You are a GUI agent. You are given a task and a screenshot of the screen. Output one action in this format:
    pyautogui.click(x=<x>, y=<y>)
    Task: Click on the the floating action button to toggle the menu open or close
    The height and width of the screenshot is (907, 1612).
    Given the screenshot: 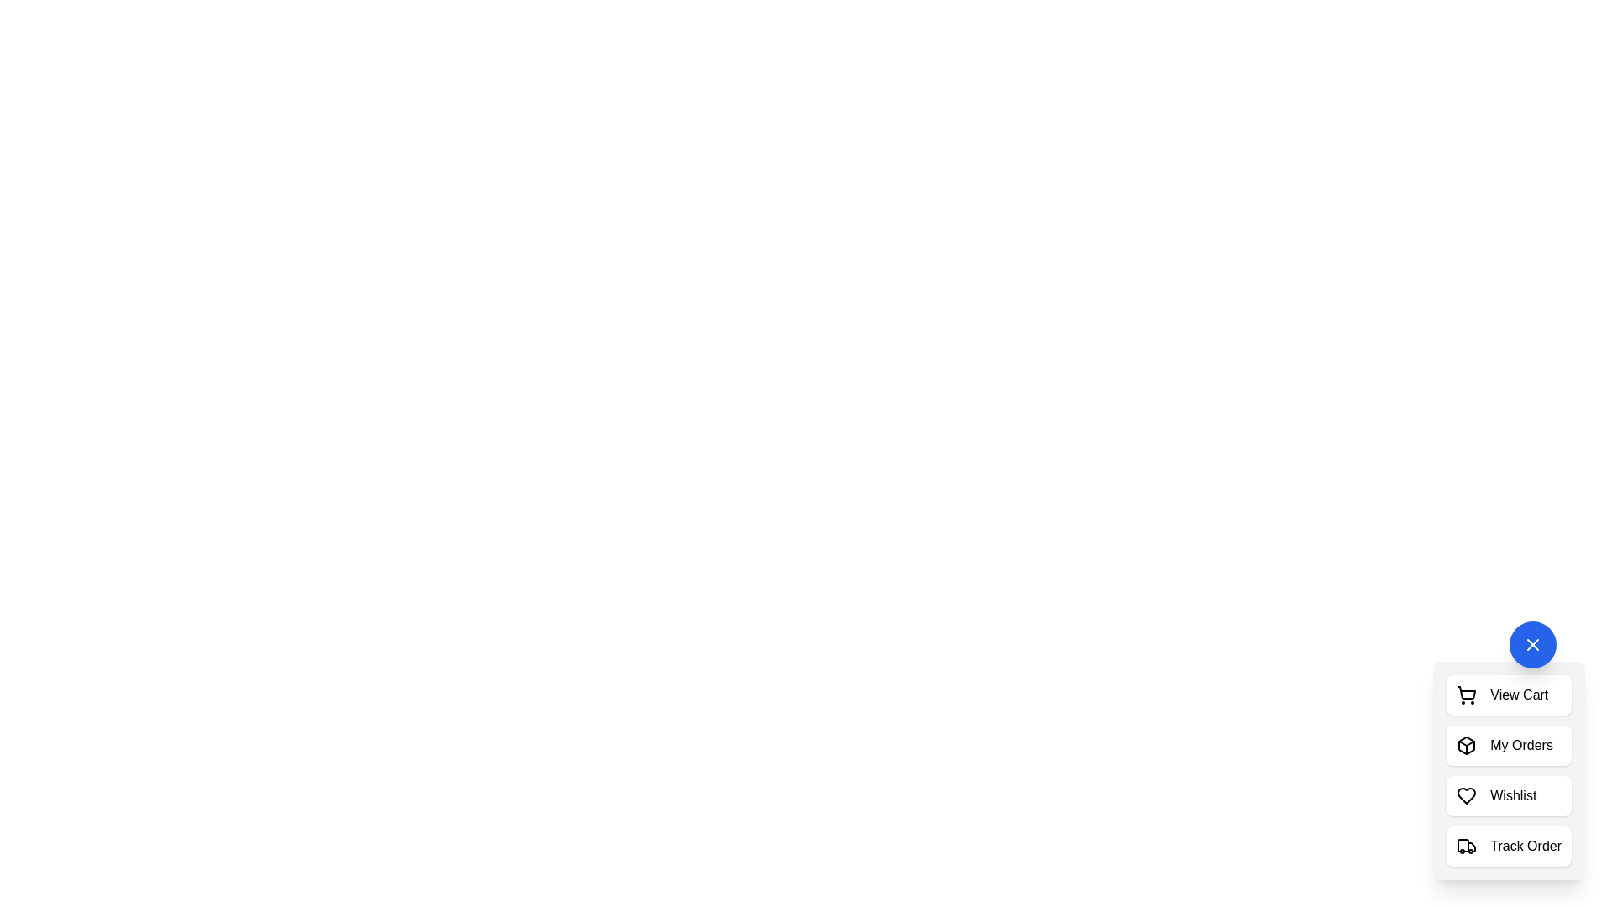 What is the action you would take?
    pyautogui.click(x=1532, y=643)
    